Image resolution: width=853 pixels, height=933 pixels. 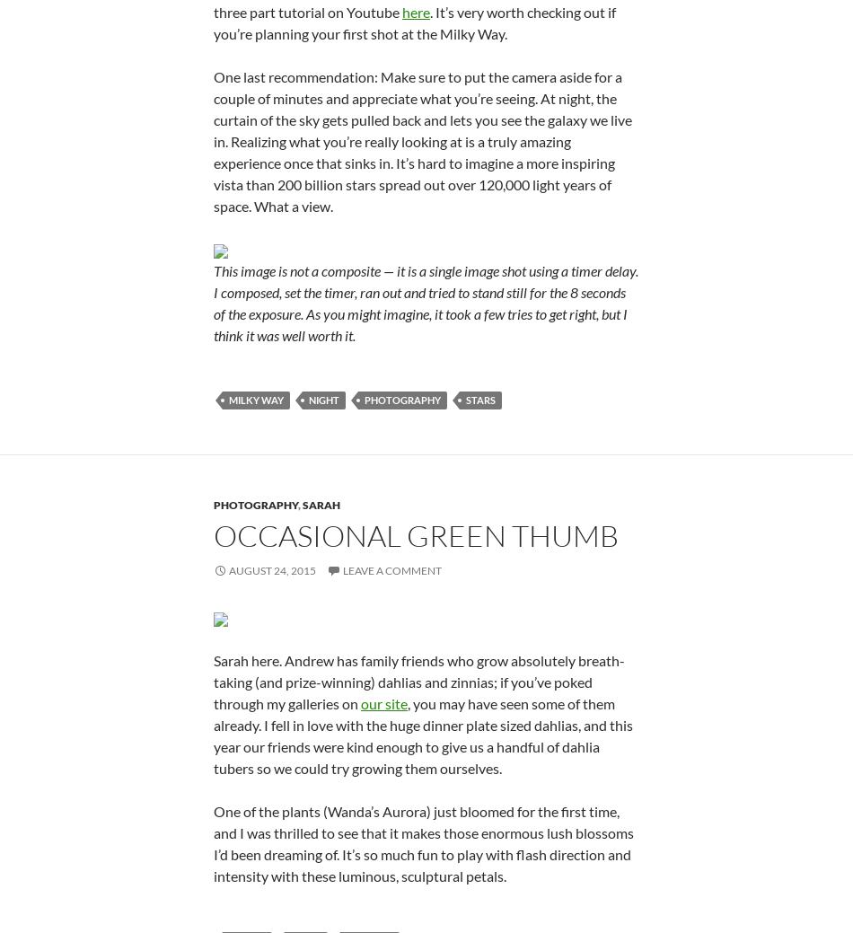 I want to click on 'here', so click(x=415, y=10).